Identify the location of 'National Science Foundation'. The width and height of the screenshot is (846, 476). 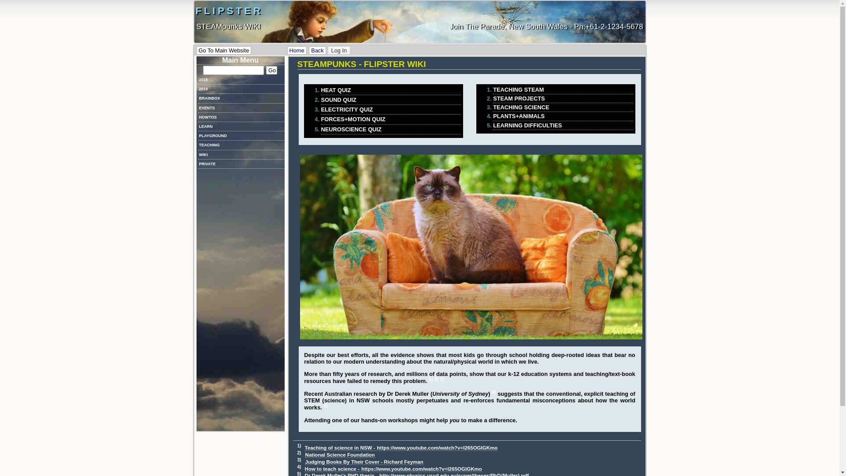
(340, 455).